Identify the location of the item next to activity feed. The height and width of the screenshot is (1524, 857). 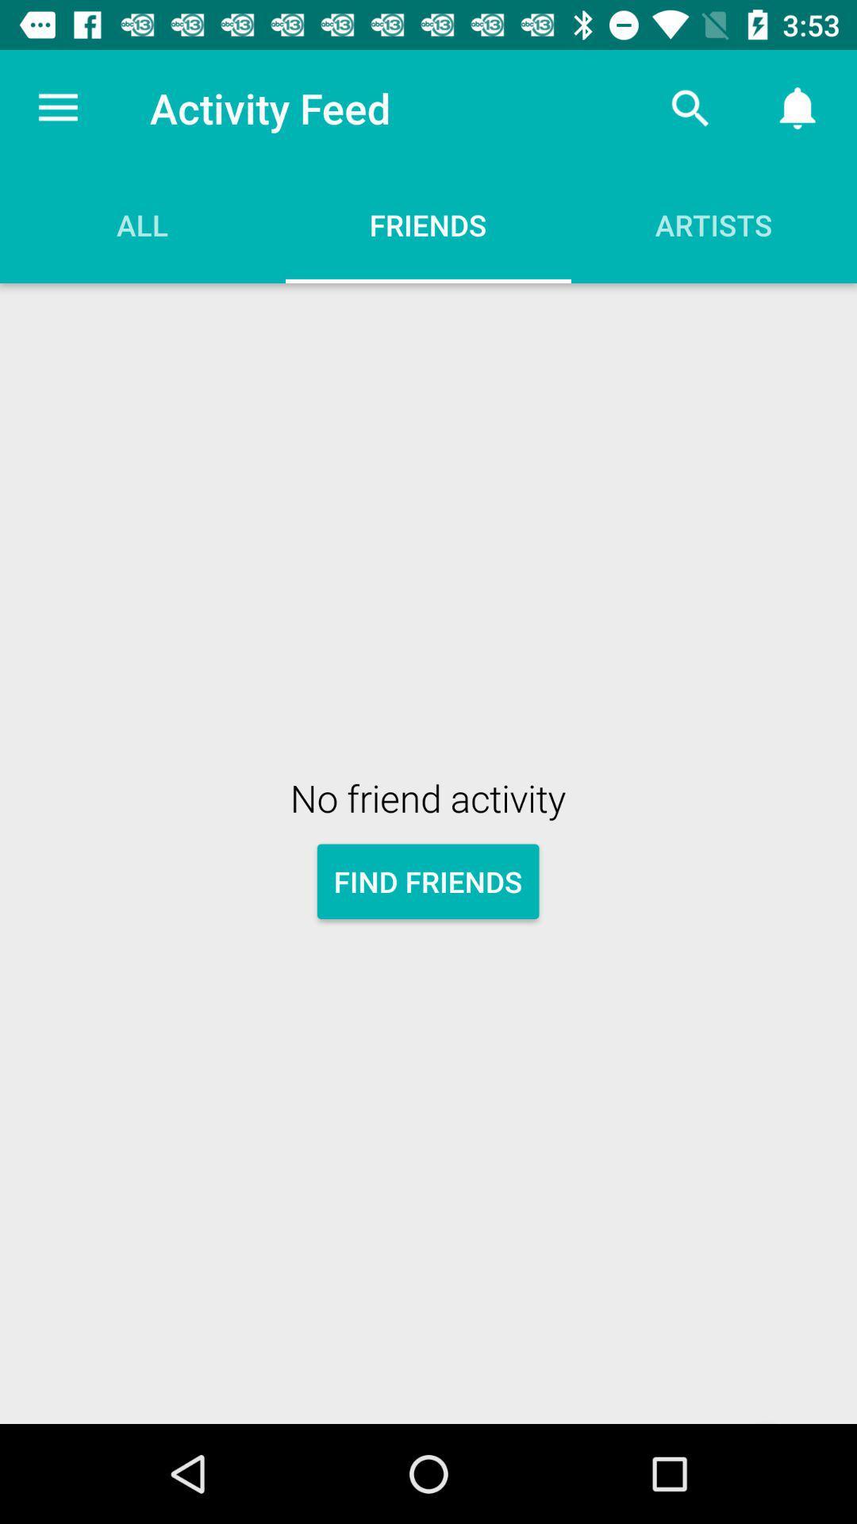
(57, 107).